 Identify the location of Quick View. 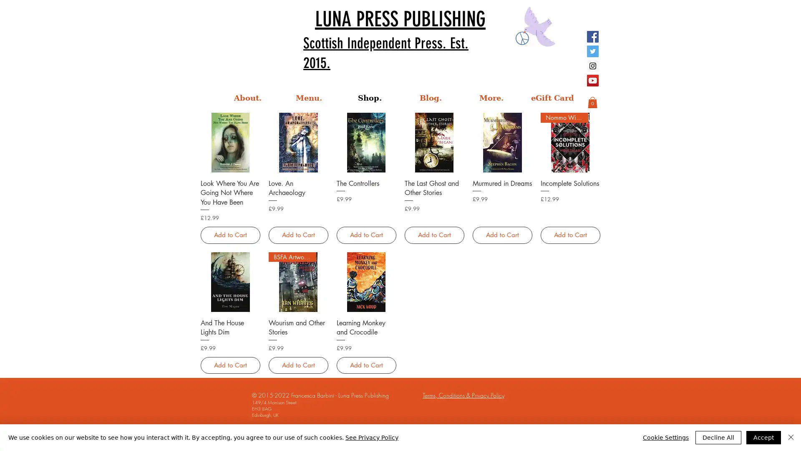
(434, 182).